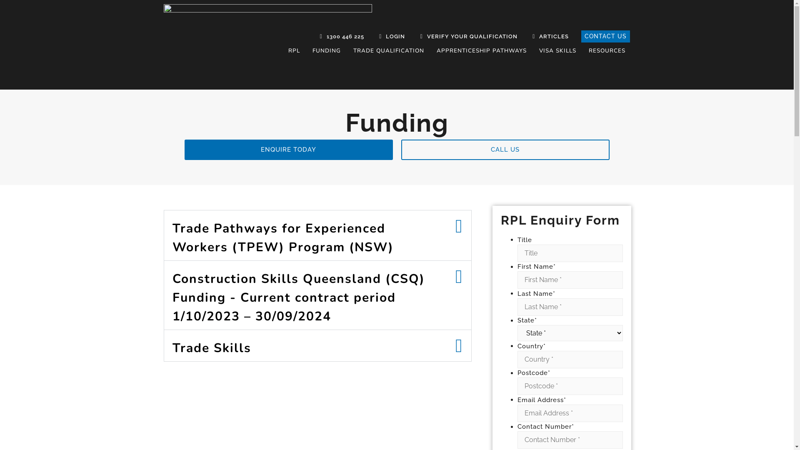 The image size is (800, 450). I want to click on 'RPL', so click(294, 51).